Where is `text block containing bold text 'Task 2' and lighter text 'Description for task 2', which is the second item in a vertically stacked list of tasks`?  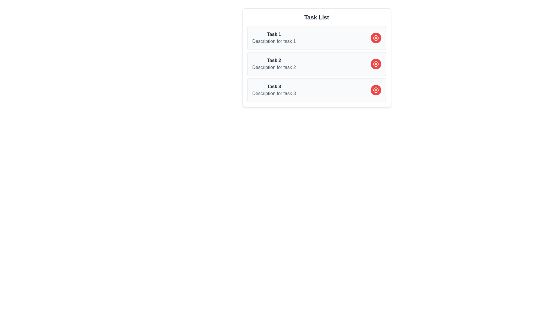 text block containing bold text 'Task 2' and lighter text 'Description for task 2', which is the second item in a vertically stacked list of tasks is located at coordinates (274, 64).